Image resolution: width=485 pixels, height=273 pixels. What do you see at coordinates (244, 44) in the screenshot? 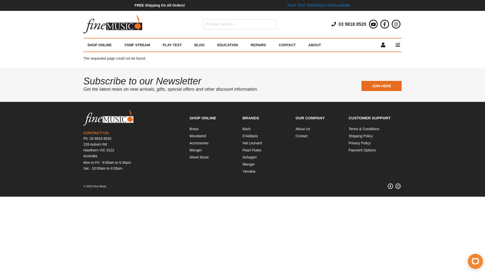
I see `'REPAIRS'` at bounding box center [244, 44].